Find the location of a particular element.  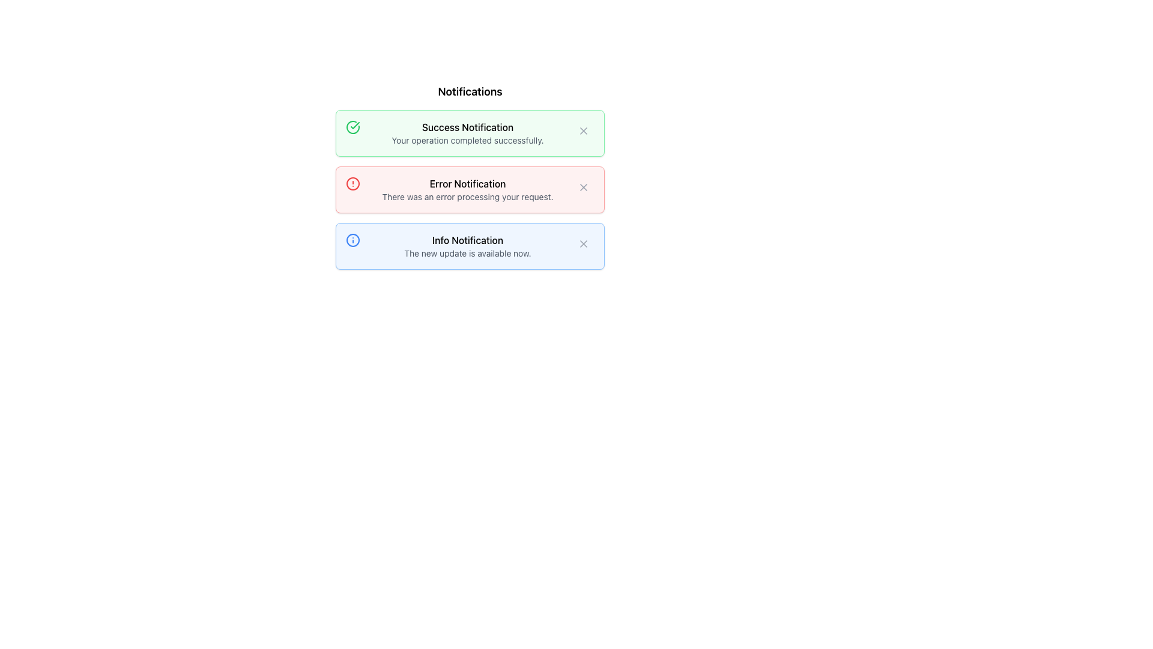

the informational message located in the 'Success Notification' section, positioned below the title 'Success Notification' within the green-colored box is located at coordinates (467, 140).